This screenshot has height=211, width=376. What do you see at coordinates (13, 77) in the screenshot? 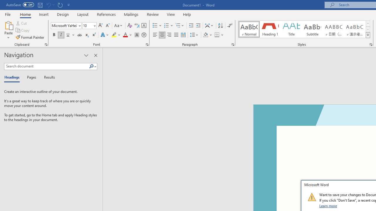
I see `'Headings'` at bounding box center [13, 77].